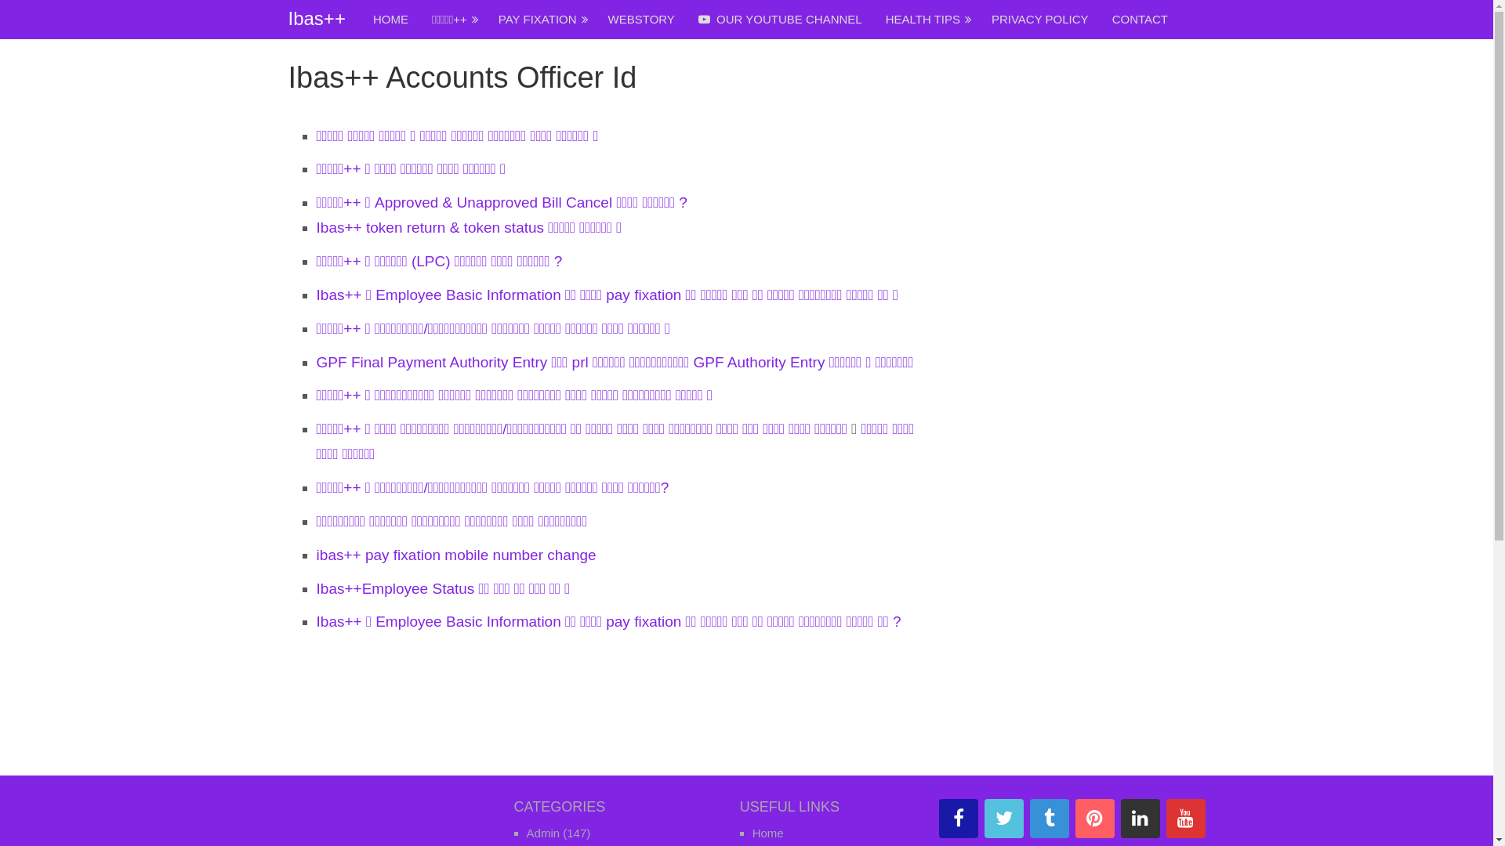  I want to click on 'WEBSTORY', so click(641, 19).